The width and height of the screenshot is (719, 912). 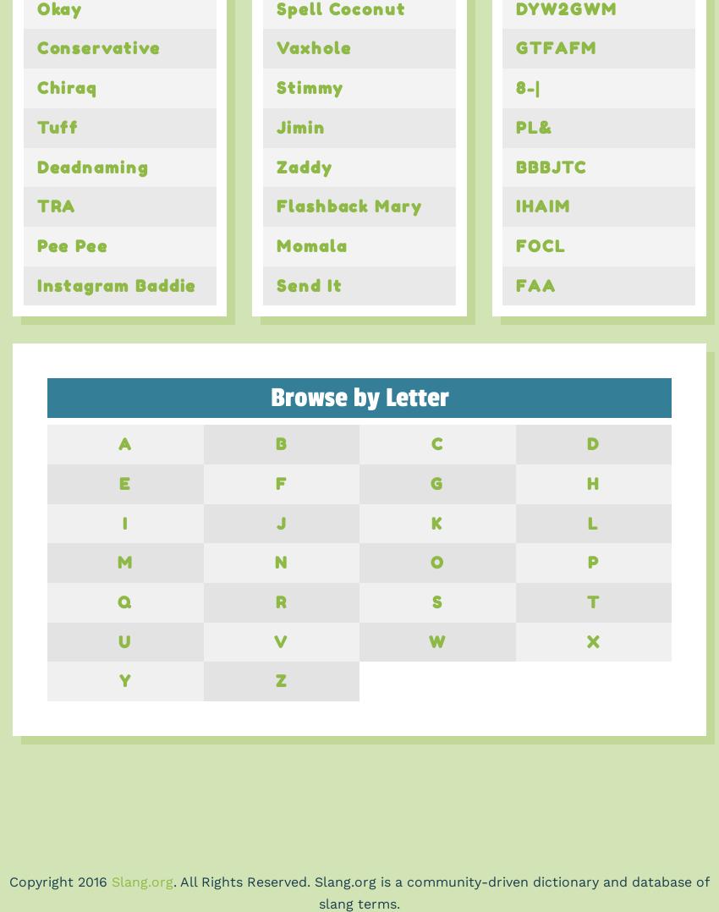 What do you see at coordinates (440, 893) in the screenshot?
I see `'. All Rights Reserved. Slang.org is a community-driven dictionary and database of slang terms.'` at bounding box center [440, 893].